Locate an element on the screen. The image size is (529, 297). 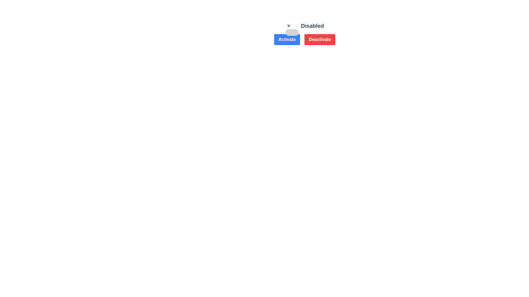
the close, cancel, or clear icon located near the top left area of the interface, above the 'Activate' and 'Deactivate' buttons, adjacent to the 'Disabled' label is located at coordinates (288, 26).